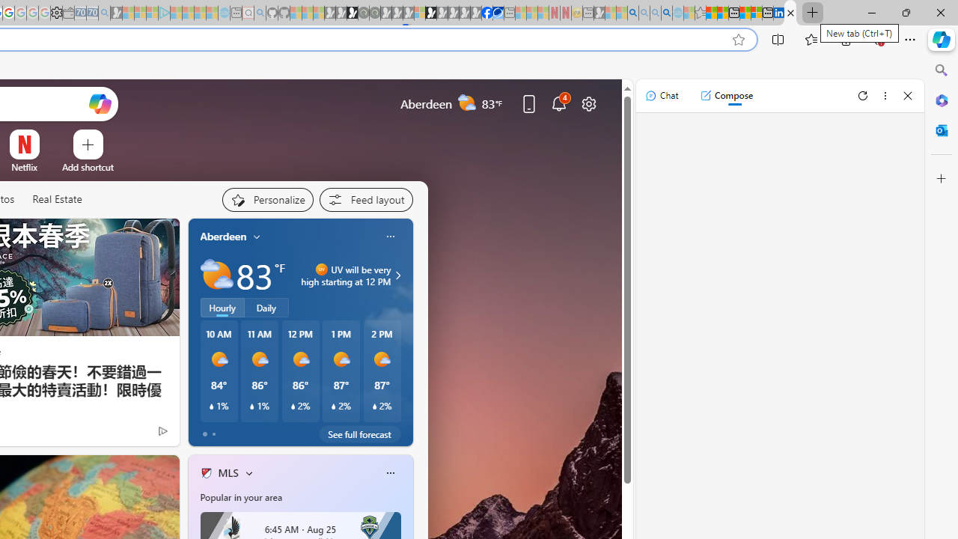  What do you see at coordinates (375, 13) in the screenshot?
I see `'Future Focus Report 2024 - Sleeping'` at bounding box center [375, 13].